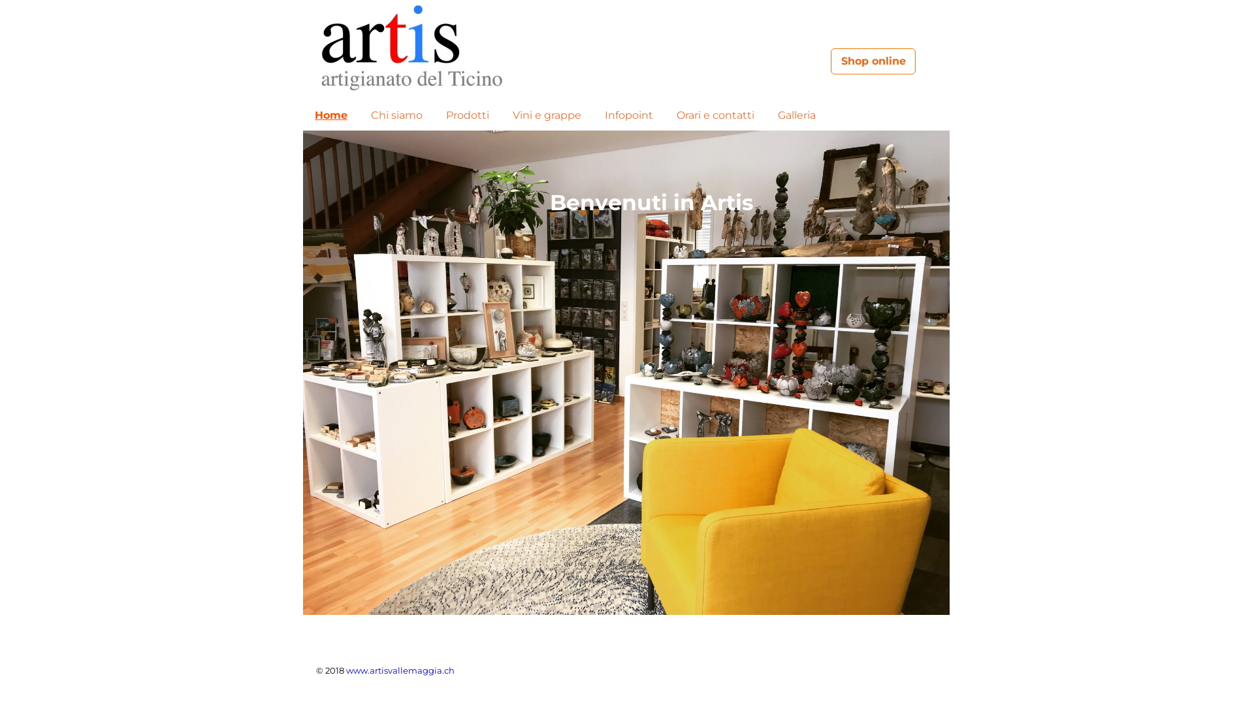 This screenshot has height=705, width=1254. I want to click on 'Shop online', so click(830, 61).